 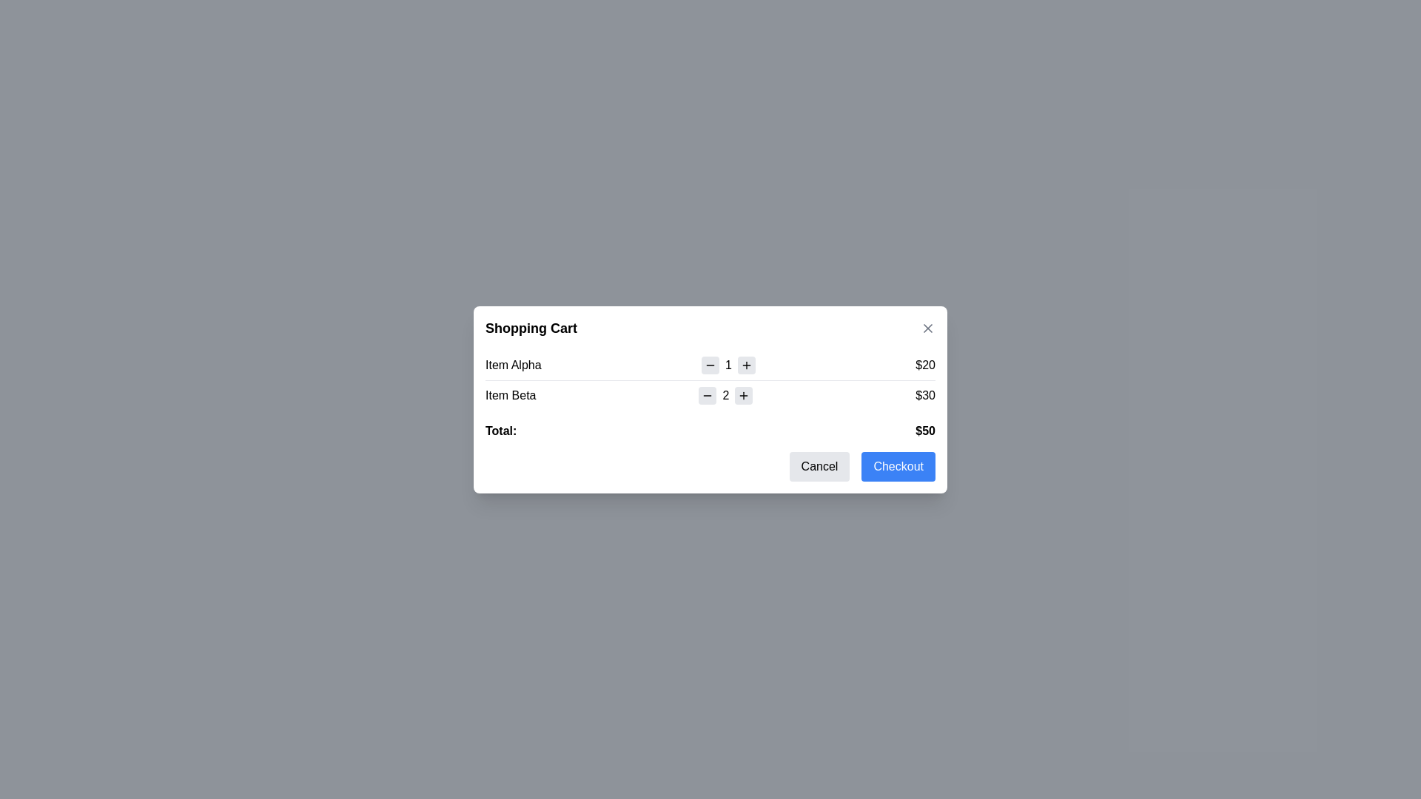 What do you see at coordinates (707, 394) in the screenshot?
I see `the decrease quantity button for 'Item Beta' in the shopping cart interface` at bounding box center [707, 394].